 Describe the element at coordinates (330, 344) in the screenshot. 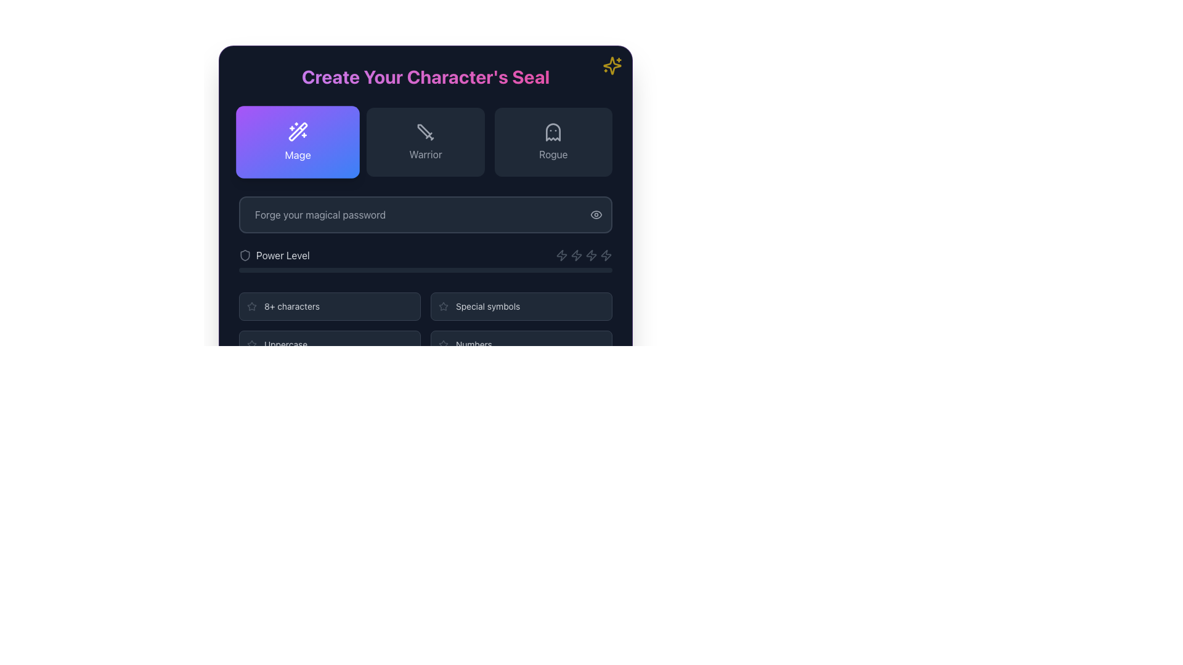

I see `text 'Uppercase' displayed within the static display item located in the bottom-left corner of the grid layout, which is a rectangular box with a dark-gray background and a gray star icon on the left` at that location.